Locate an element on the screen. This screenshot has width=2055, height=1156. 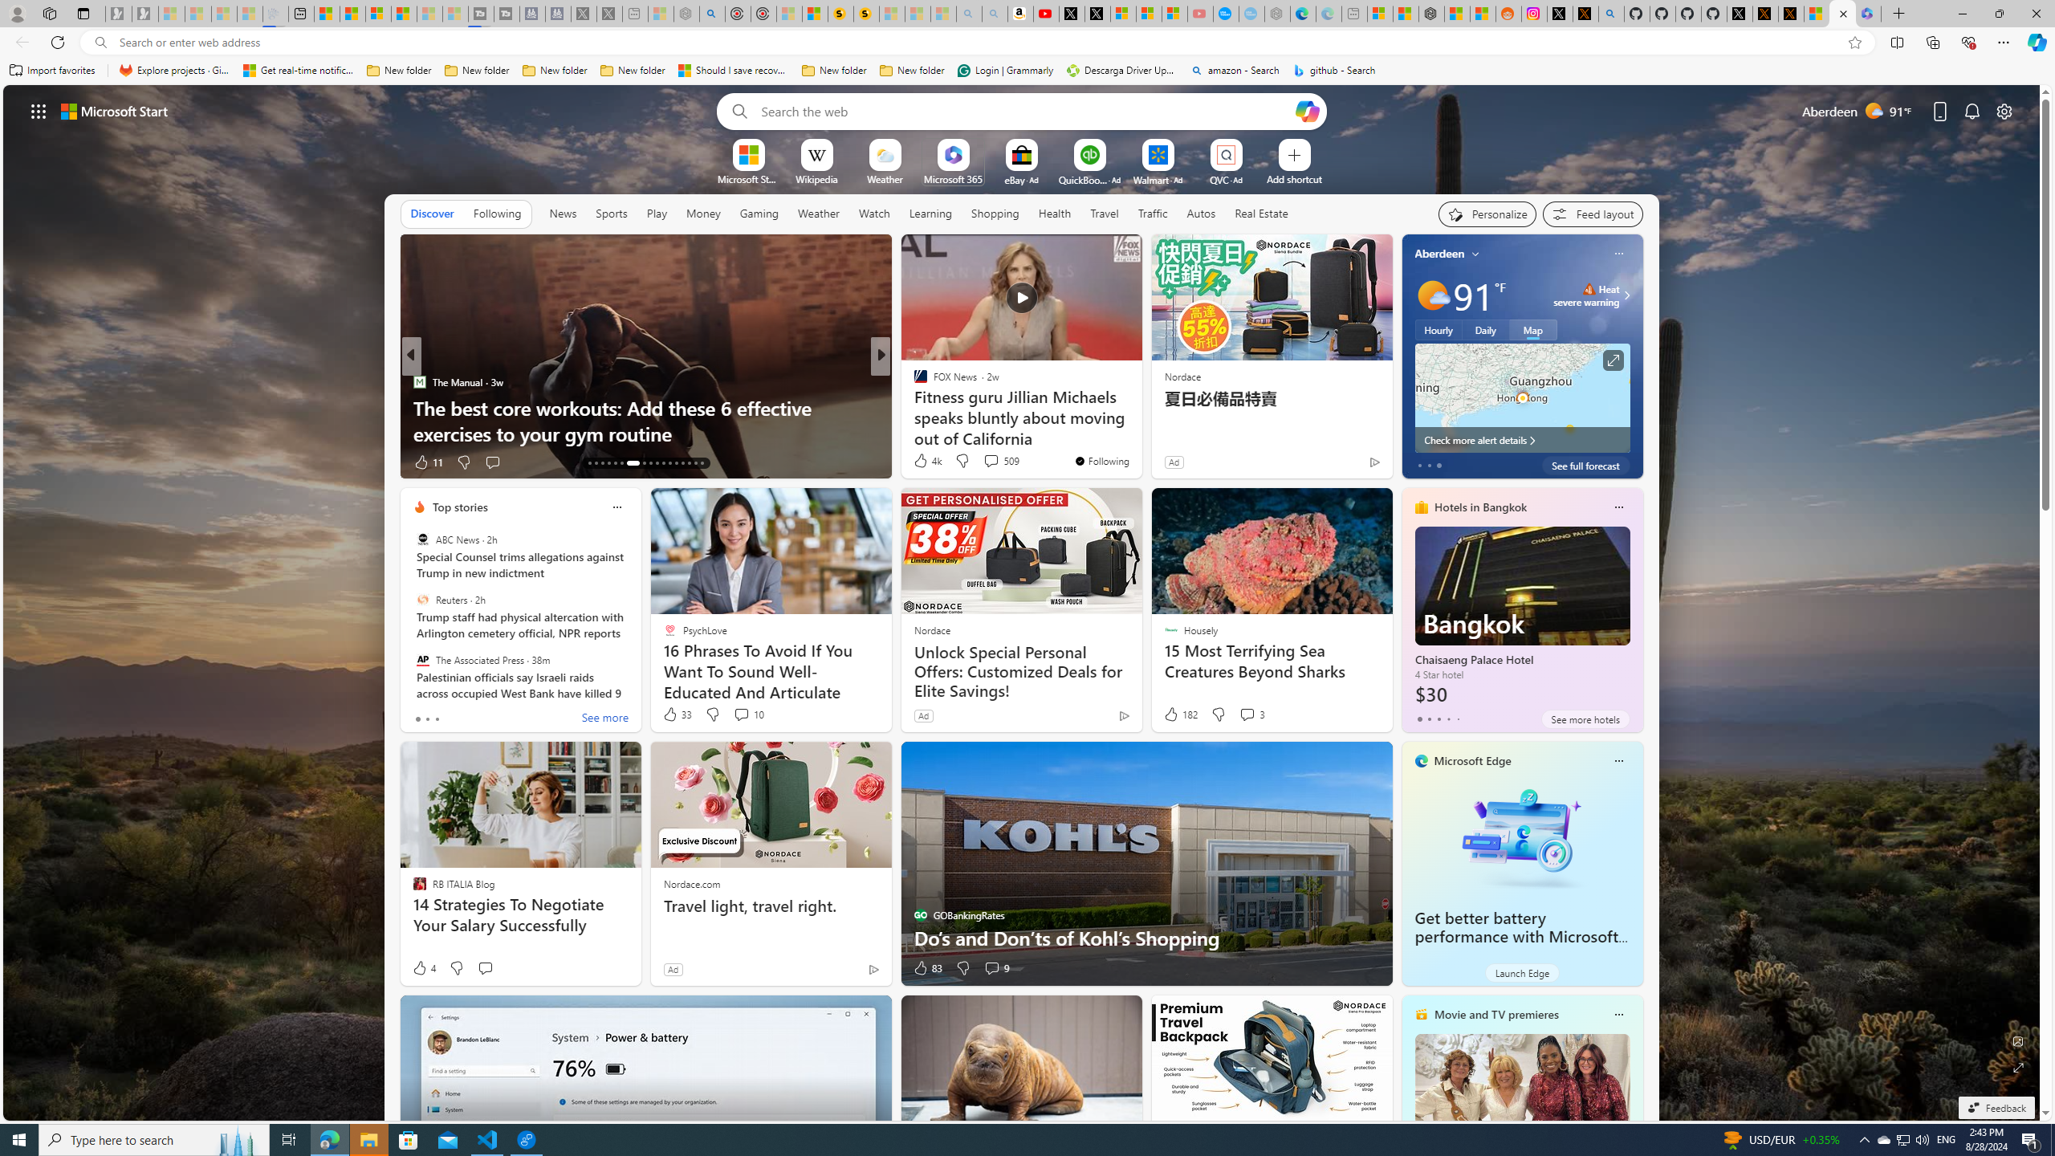
'Shopping' is located at coordinates (995, 213).